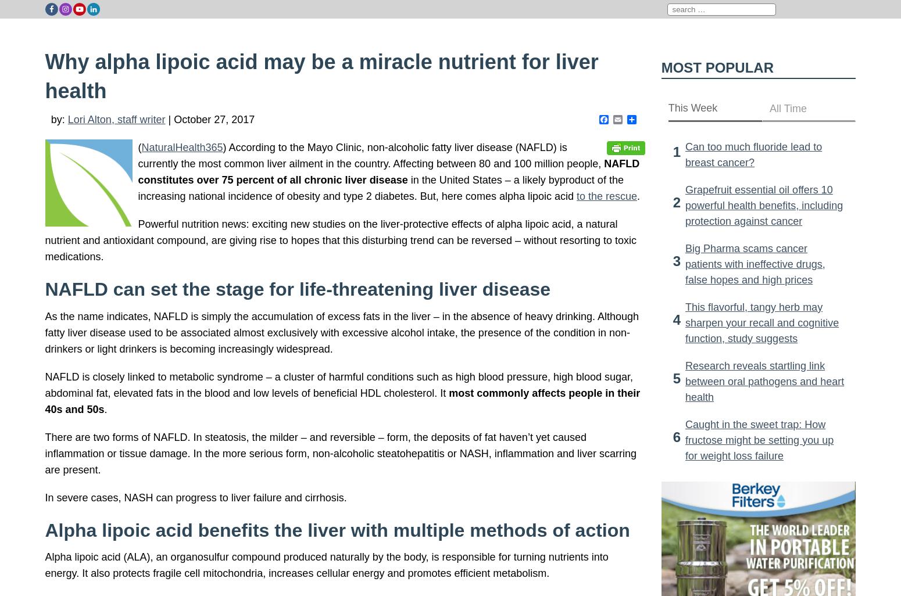 This screenshot has height=596, width=901. I want to click on 'News', so click(648, 28).